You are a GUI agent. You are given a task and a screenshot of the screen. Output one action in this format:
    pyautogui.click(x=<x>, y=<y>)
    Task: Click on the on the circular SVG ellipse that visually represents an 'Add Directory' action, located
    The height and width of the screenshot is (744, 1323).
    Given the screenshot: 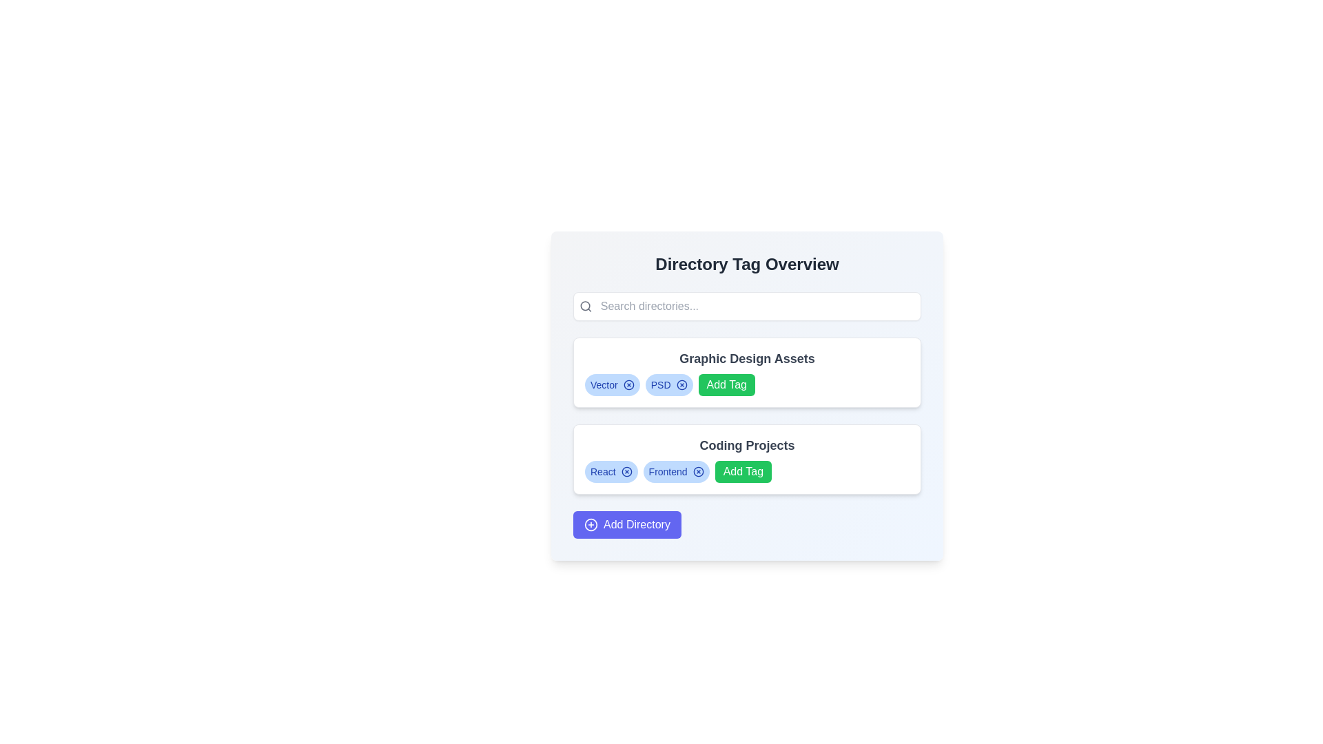 What is the action you would take?
    pyautogui.click(x=591, y=525)
    